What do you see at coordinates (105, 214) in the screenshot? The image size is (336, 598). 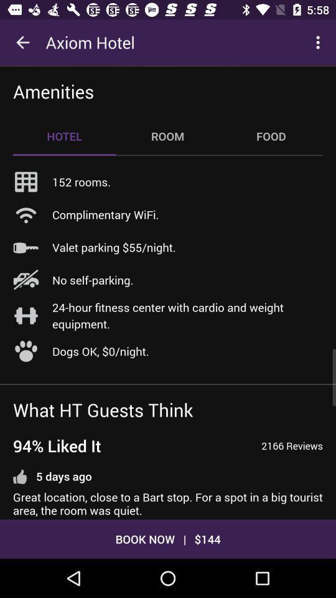 I see `the icon below 152 rooms. icon` at bounding box center [105, 214].